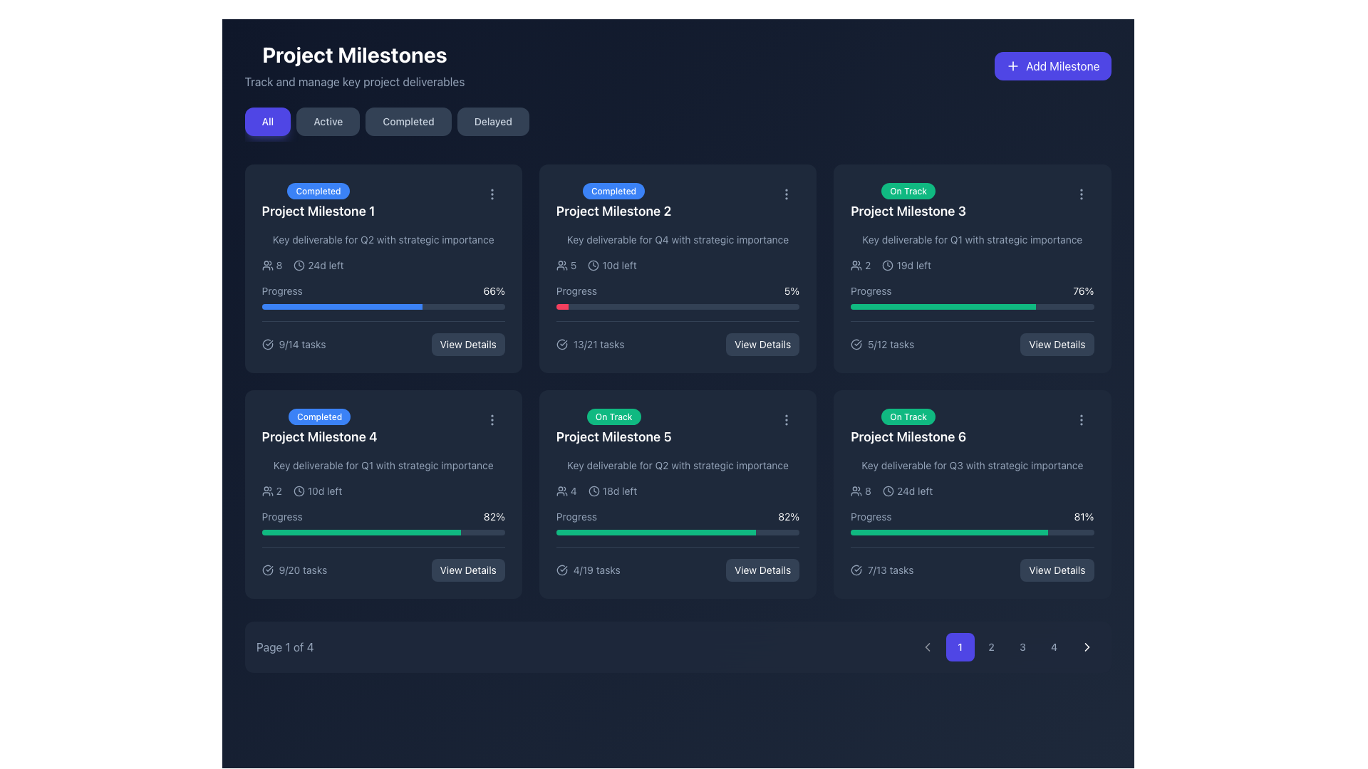 The height and width of the screenshot is (769, 1368). Describe the element at coordinates (317, 211) in the screenshot. I see `the text label displaying 'Project Milestone 1' which is styled in large, bold white font on a dark blue background, located in the first card under the 'Project Milestones' section` at that location.